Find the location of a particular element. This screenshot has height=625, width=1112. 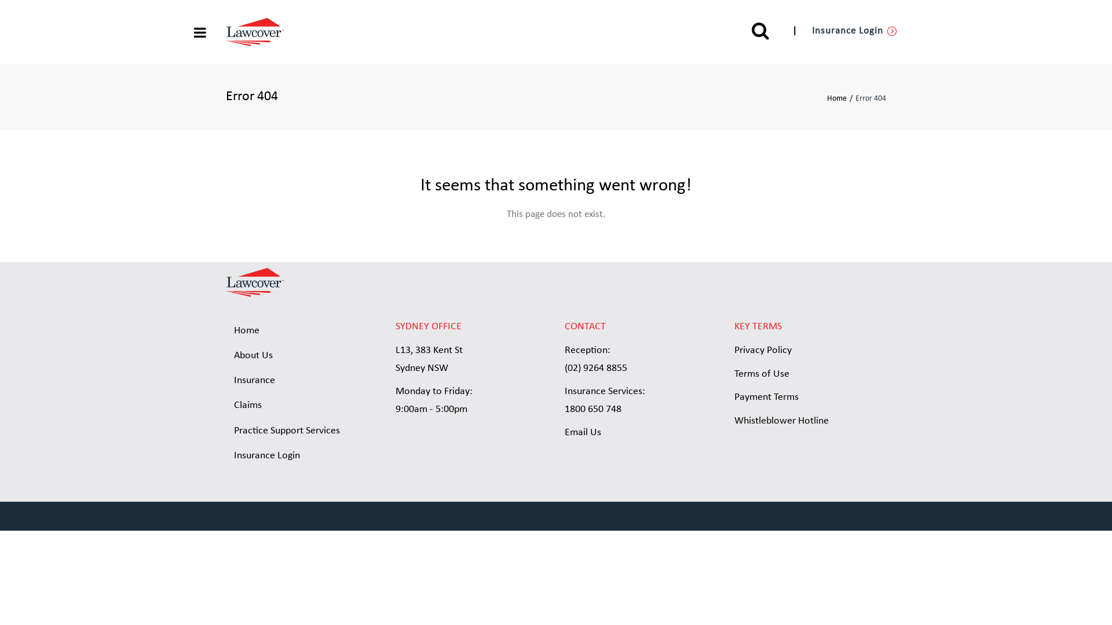

'Insurance' is located at coordinates (302, 381).